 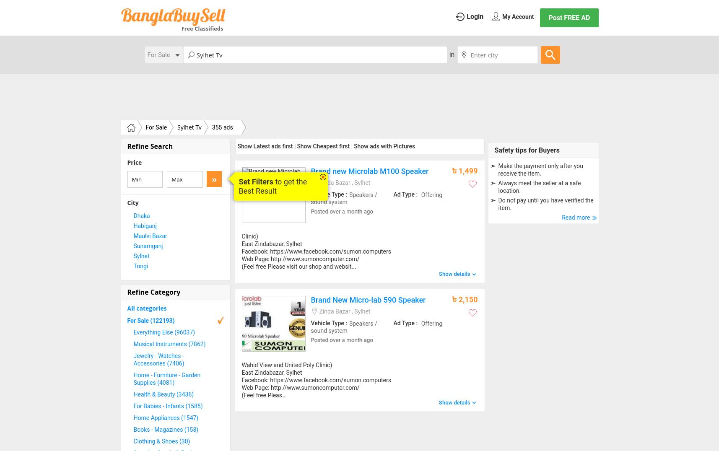 What do you see at coordinates (188, 343) in the screenshot?
I see `'(7862)'` at bounding box center [188, 343].